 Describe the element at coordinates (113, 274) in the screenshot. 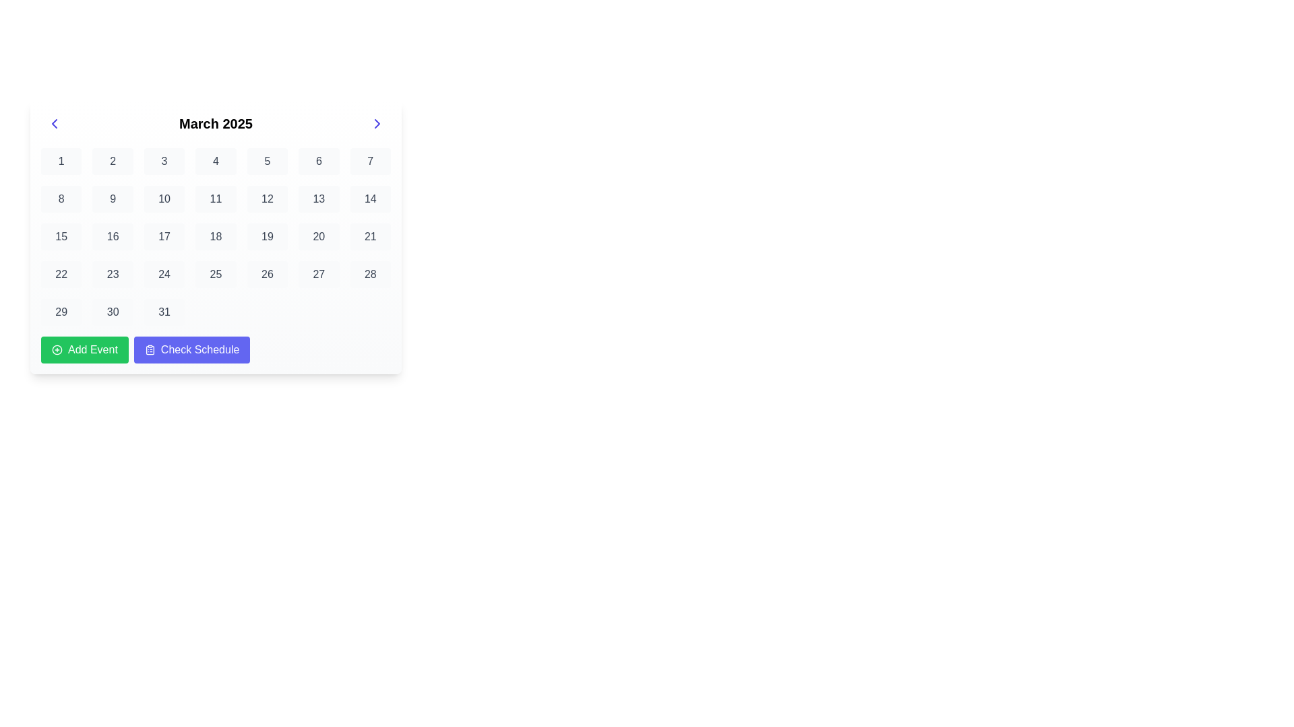

I see `the text display element in the calendar grid cell that shows the number '23', which has a light gray background and rounded edges` at that location.